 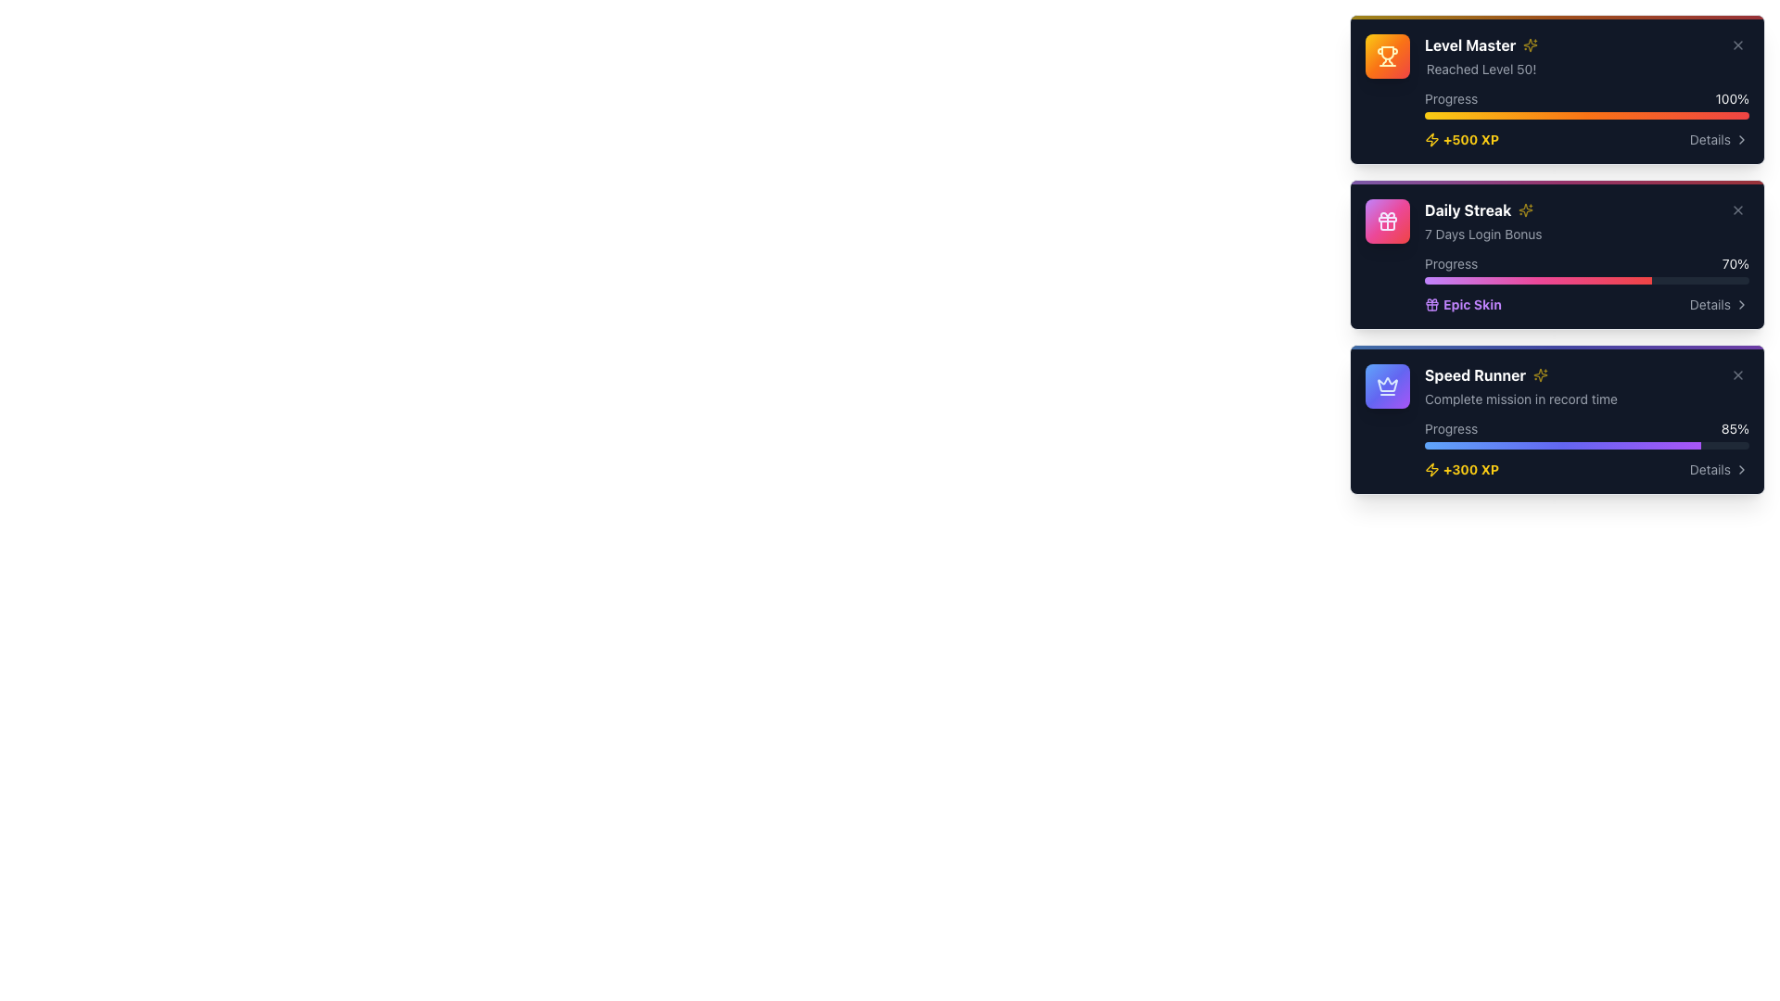 I want to click on the close button located, so click(x=1737, y=44).